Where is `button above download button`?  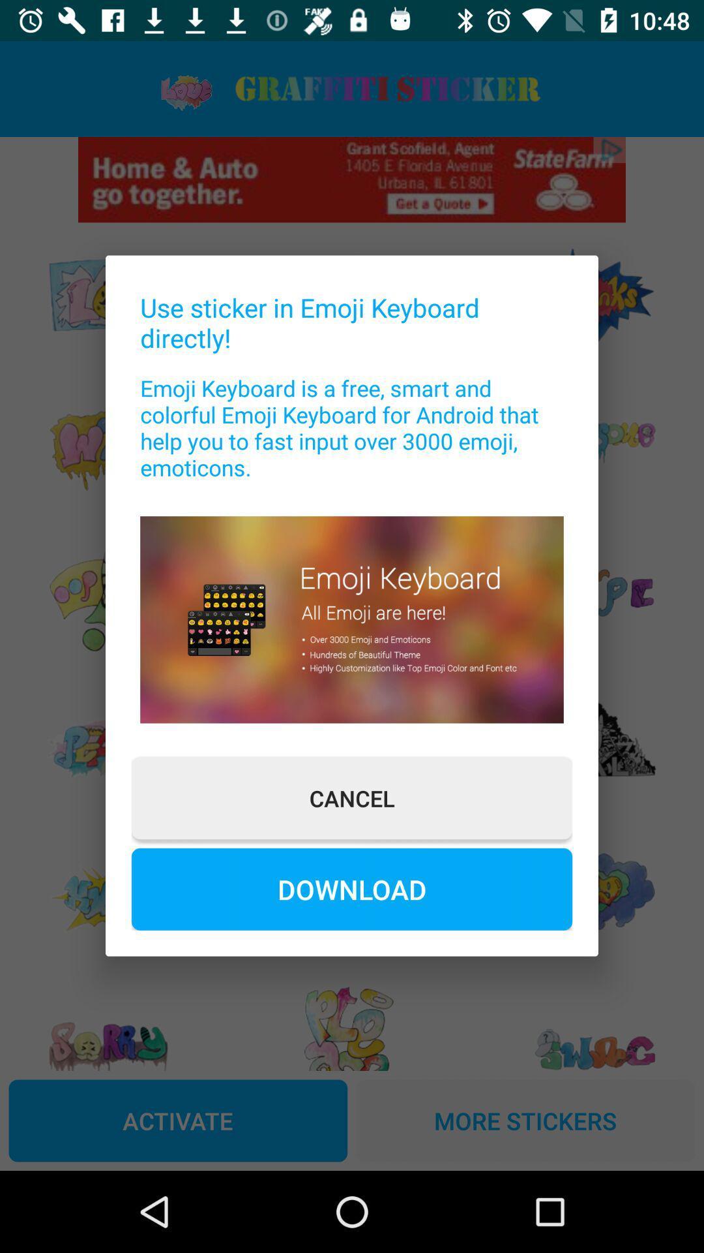 button above download button is located at coordinates (352, 797).